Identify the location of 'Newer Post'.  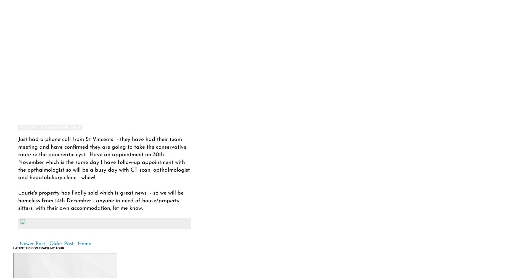
(32, 243).